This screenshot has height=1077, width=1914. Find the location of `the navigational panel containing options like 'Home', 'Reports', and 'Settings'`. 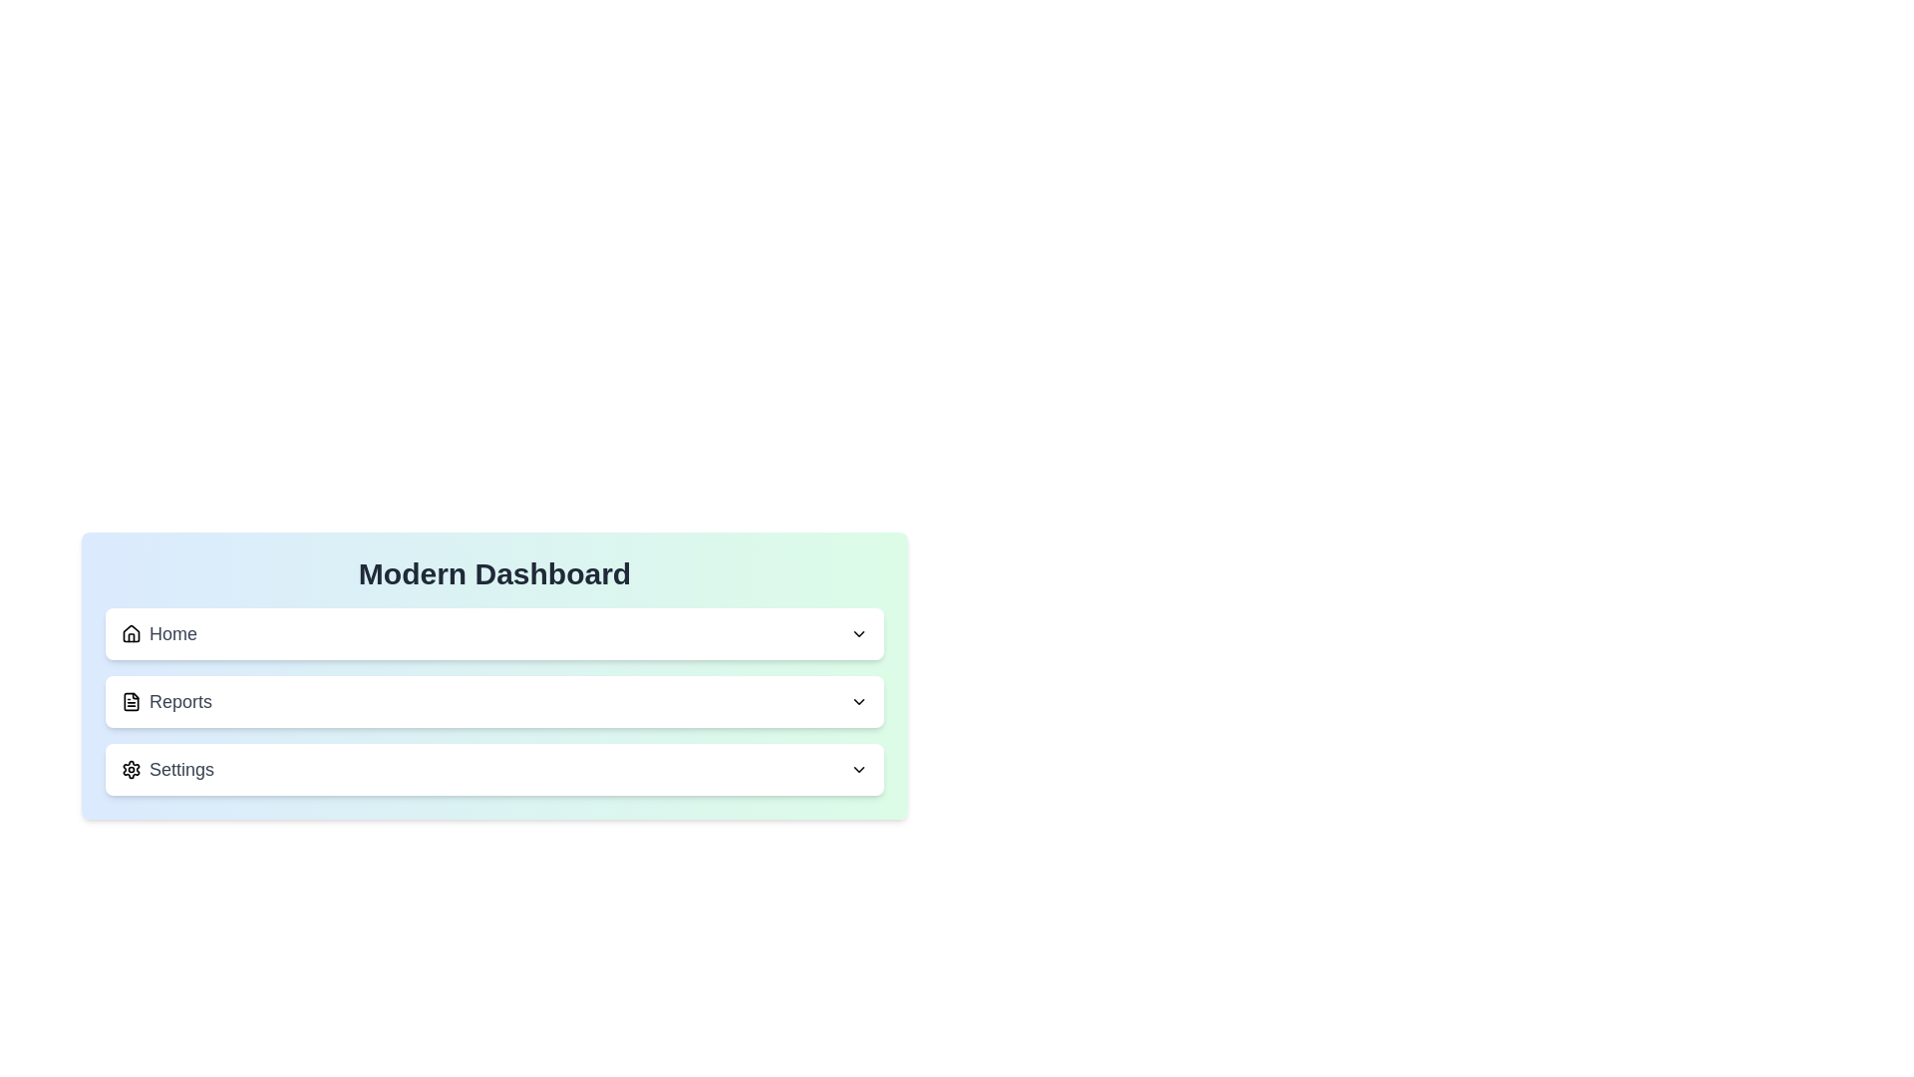

the navigational panel containing options like 'Home', 'Reports', and 'Settings' is located at coordinates (494, 736).